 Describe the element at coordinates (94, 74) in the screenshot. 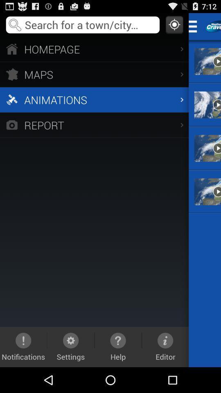

I see `app below the homepage` at that location.